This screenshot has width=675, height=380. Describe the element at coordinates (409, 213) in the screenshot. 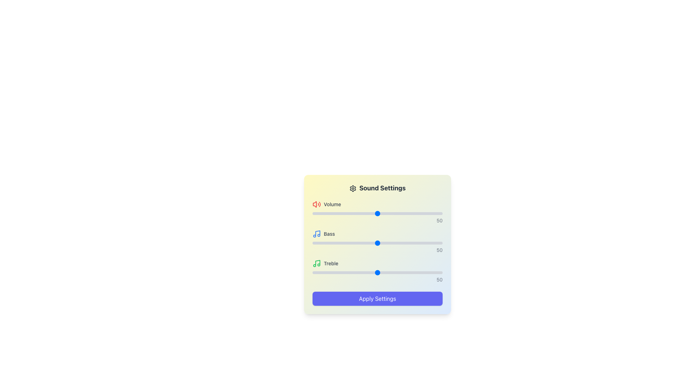

I see `the volume level` at that location.